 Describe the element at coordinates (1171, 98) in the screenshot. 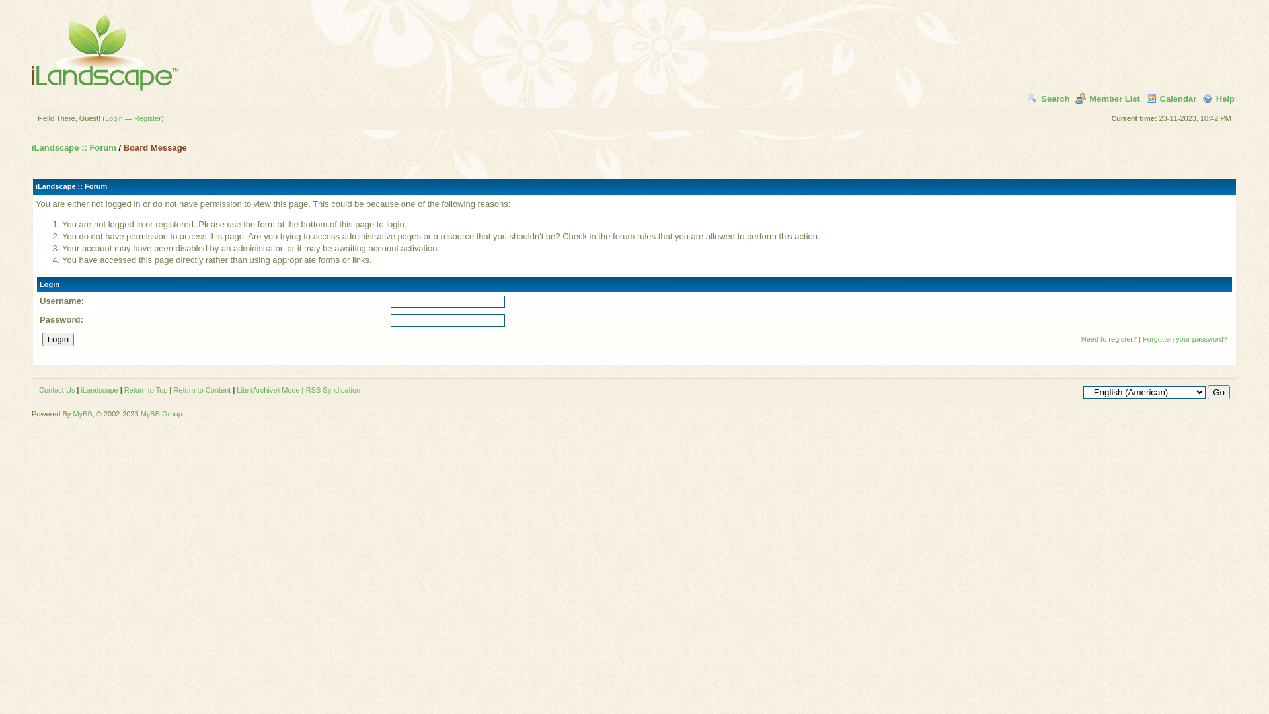

I see `'Calendar'` at that location.